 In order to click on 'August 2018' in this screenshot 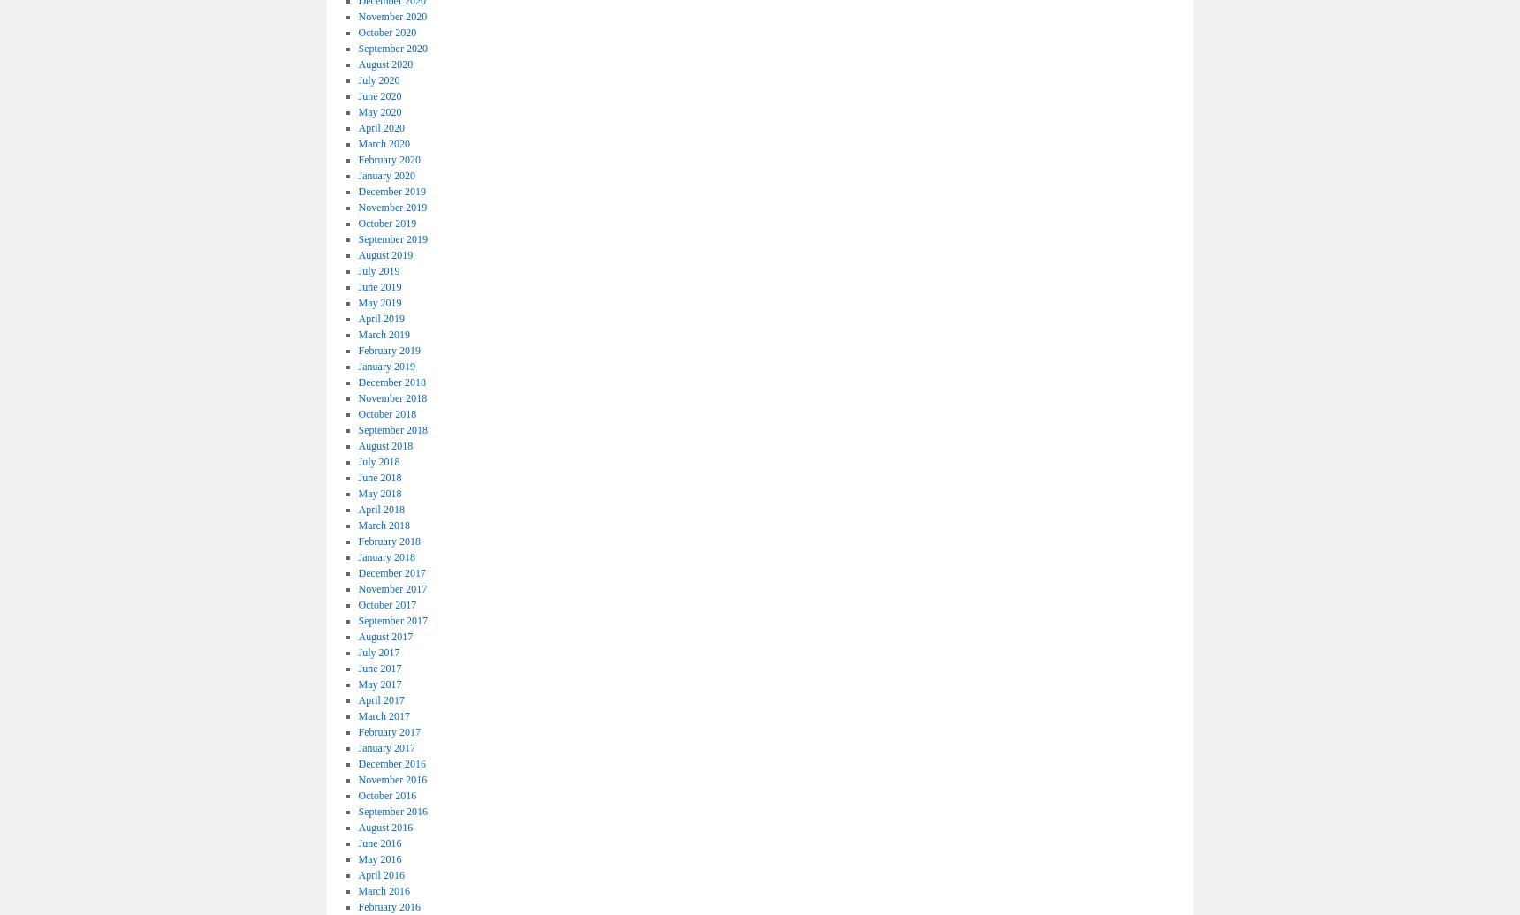, I will do `click(384, 445)`.